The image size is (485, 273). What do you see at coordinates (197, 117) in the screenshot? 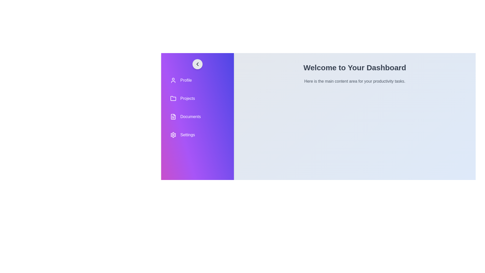
I see `the navigation item labeled Documents` at bounding box center [197, 117].